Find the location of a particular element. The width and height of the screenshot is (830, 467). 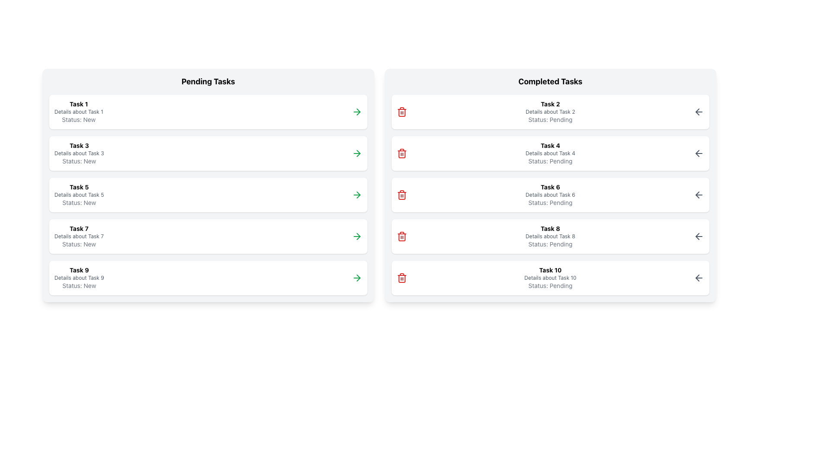

the list item displaying details of 'Task 5' is located at coordinates (208, 195).